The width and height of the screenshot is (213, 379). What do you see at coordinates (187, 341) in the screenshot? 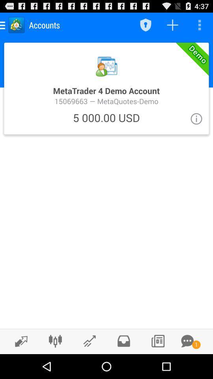
I see `messages icon` at bounding box center [187, 341].